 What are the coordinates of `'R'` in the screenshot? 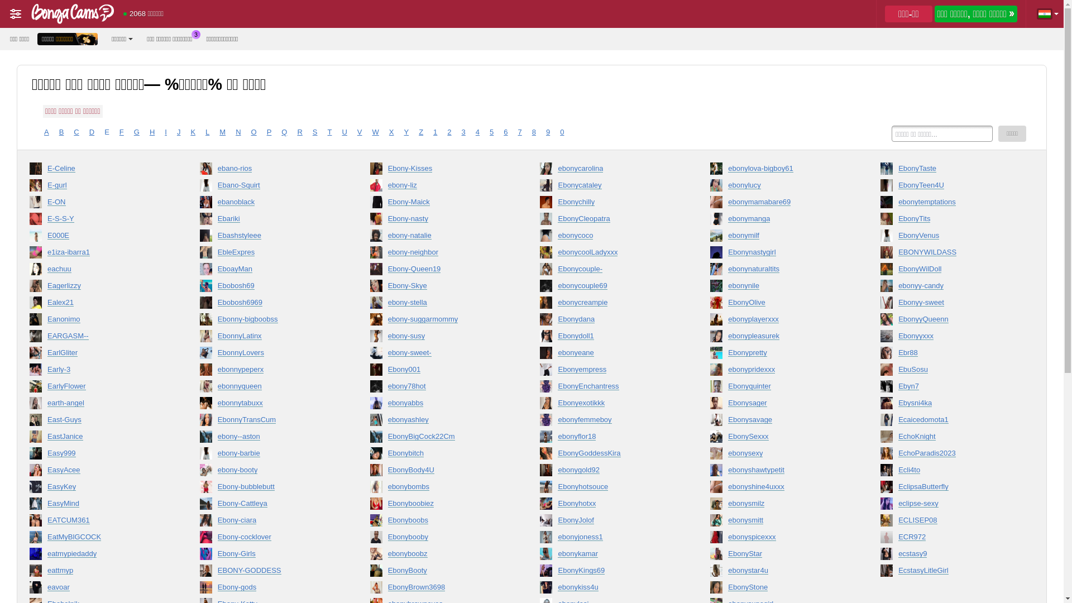 It's located at (299, 131).